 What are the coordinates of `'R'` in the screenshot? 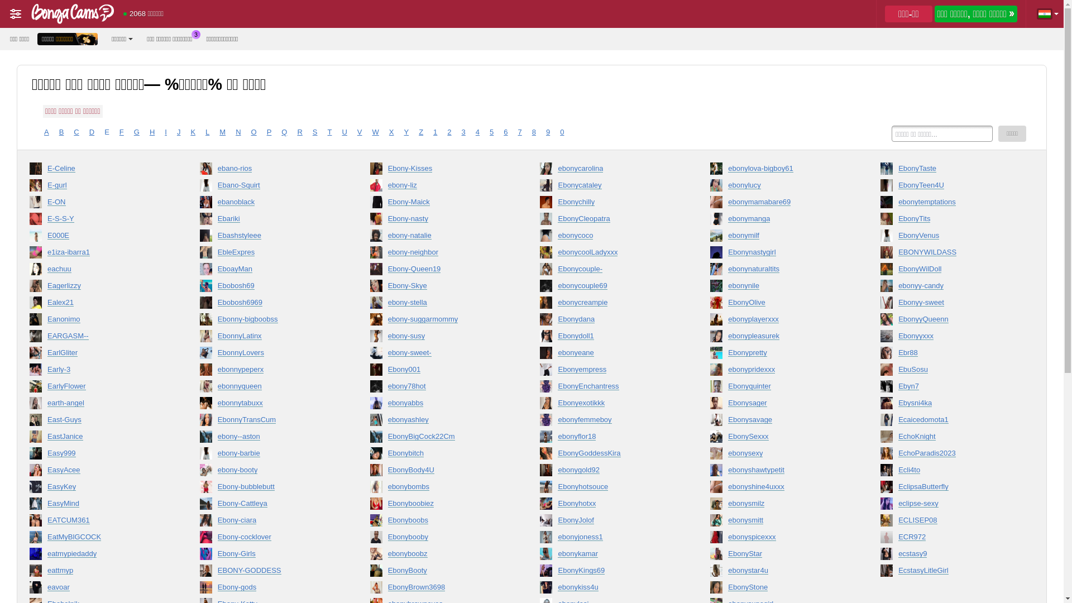 It's located at (299, 131).